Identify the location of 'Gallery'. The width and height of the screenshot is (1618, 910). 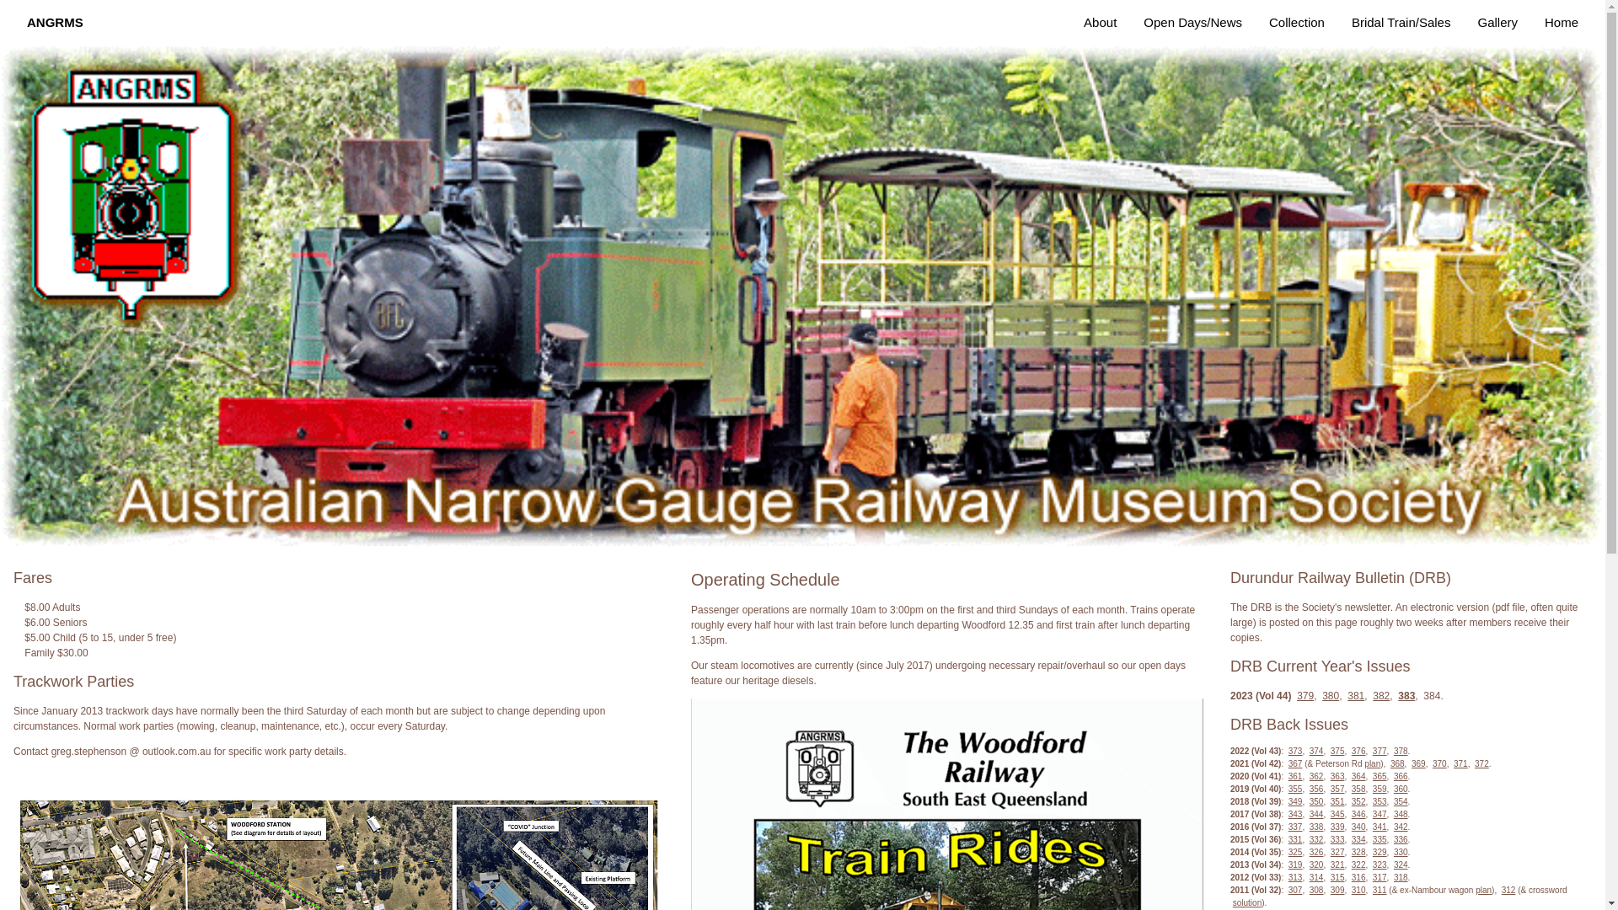
(1497, 23).